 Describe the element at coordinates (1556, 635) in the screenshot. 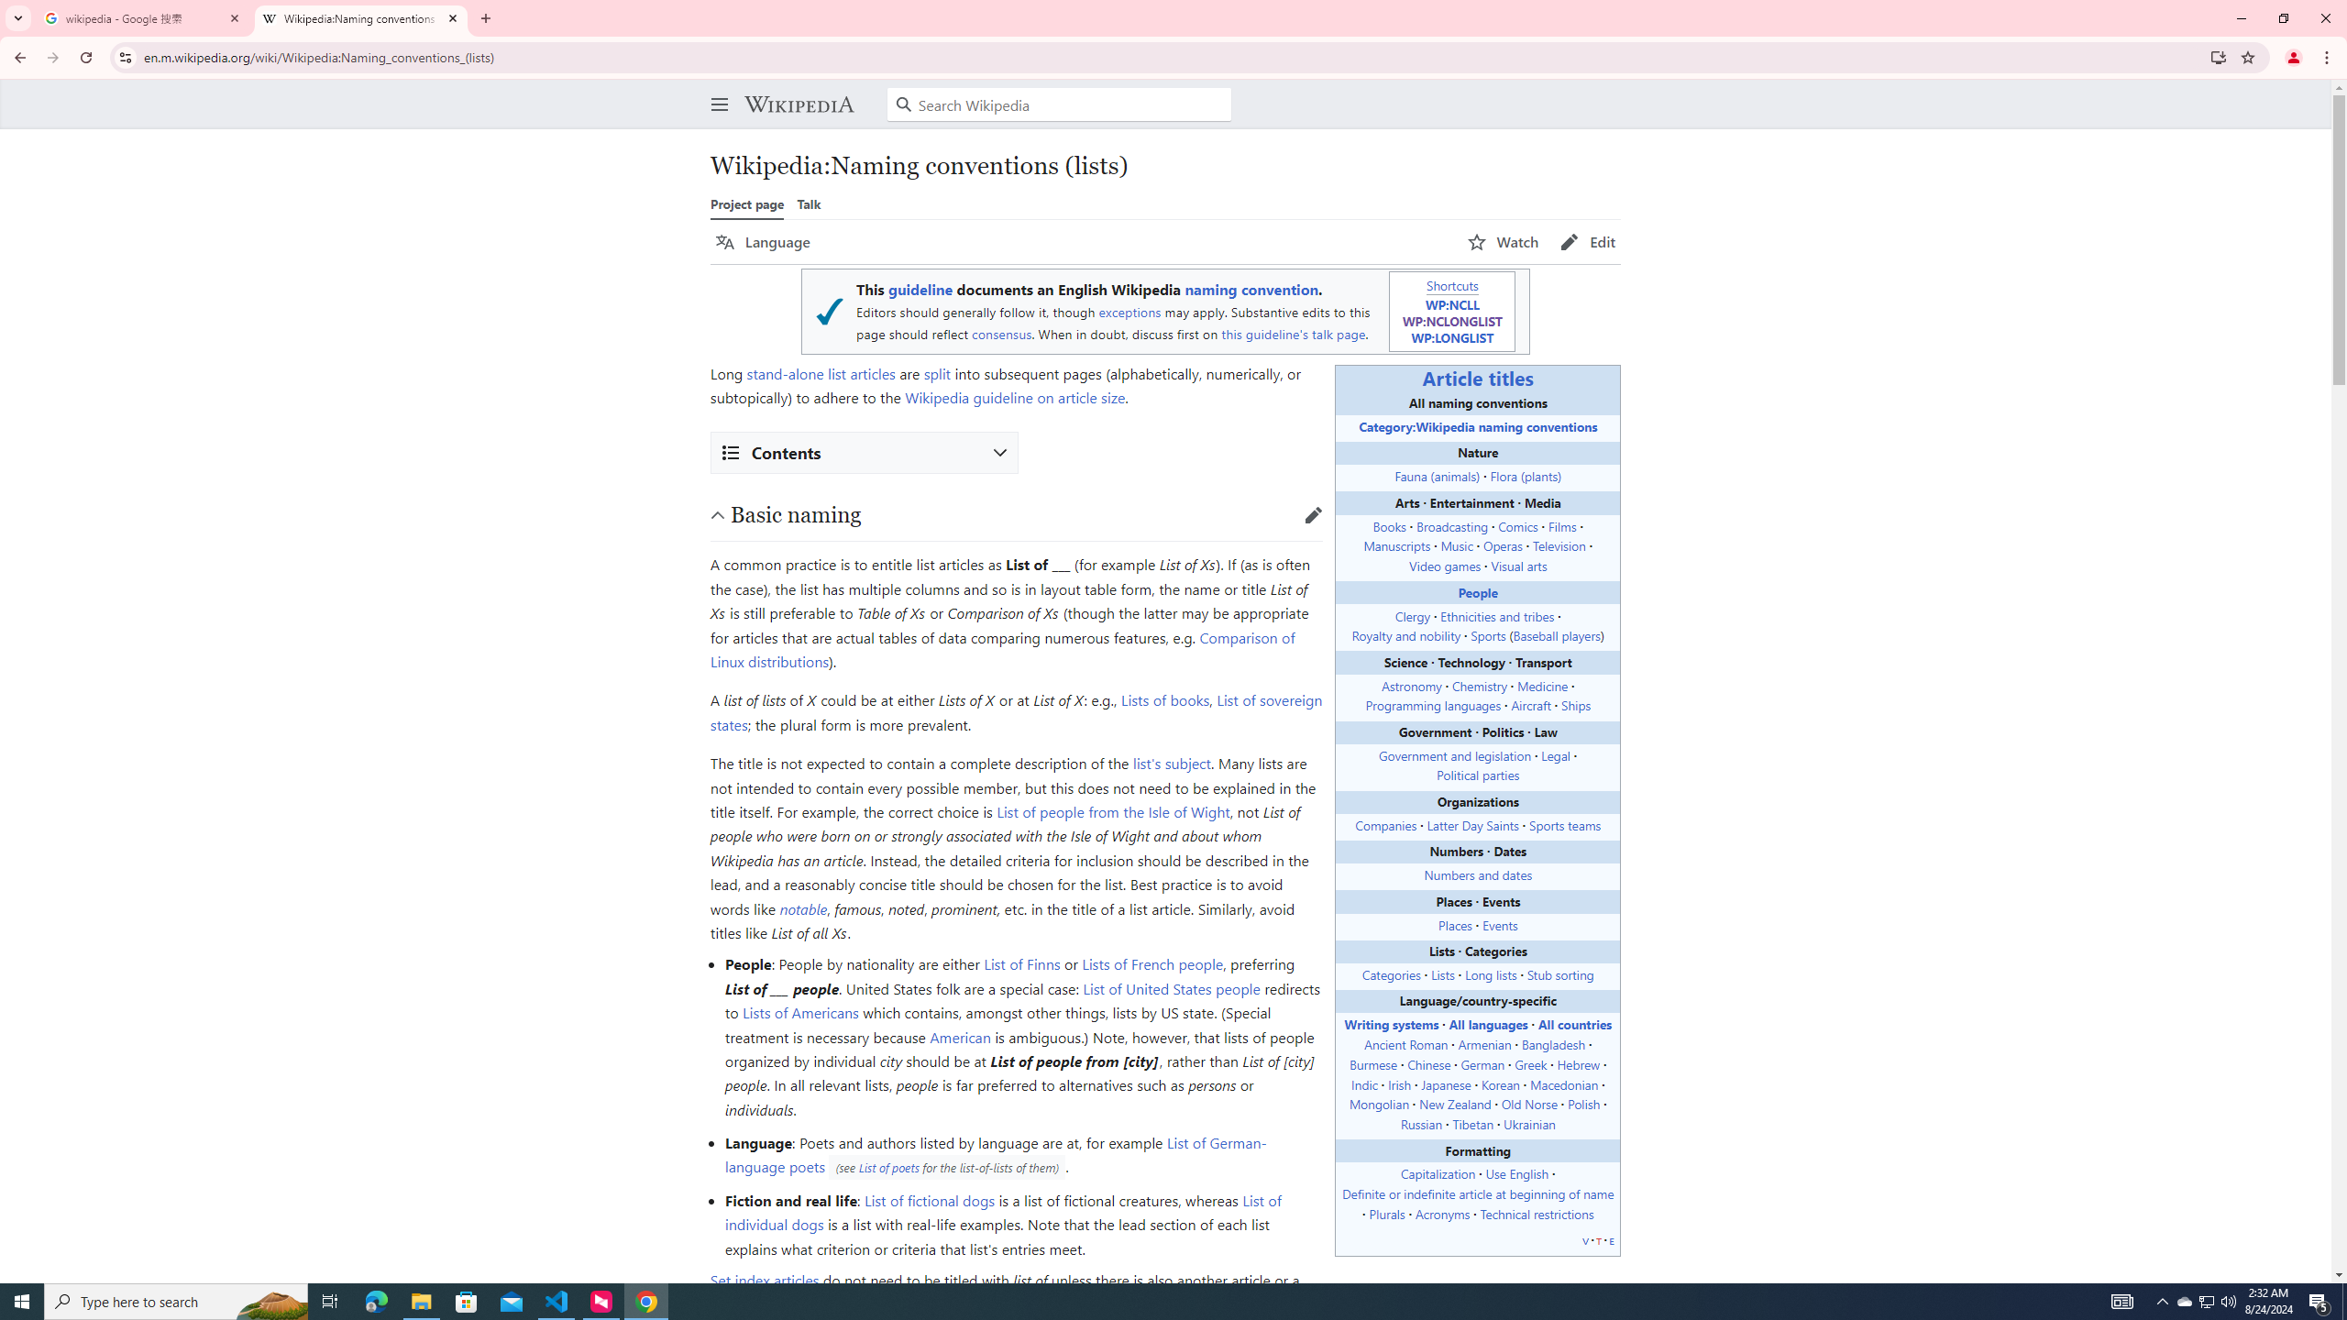

I see `'Baseball players'` at that location.